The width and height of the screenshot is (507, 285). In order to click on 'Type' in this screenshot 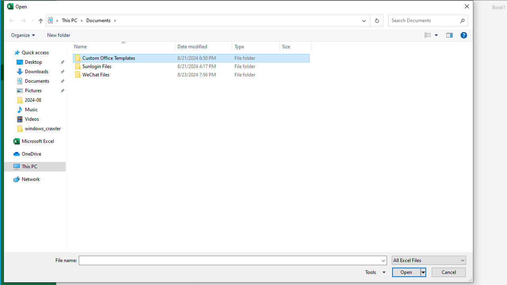, I will do `click(256, 46)`.